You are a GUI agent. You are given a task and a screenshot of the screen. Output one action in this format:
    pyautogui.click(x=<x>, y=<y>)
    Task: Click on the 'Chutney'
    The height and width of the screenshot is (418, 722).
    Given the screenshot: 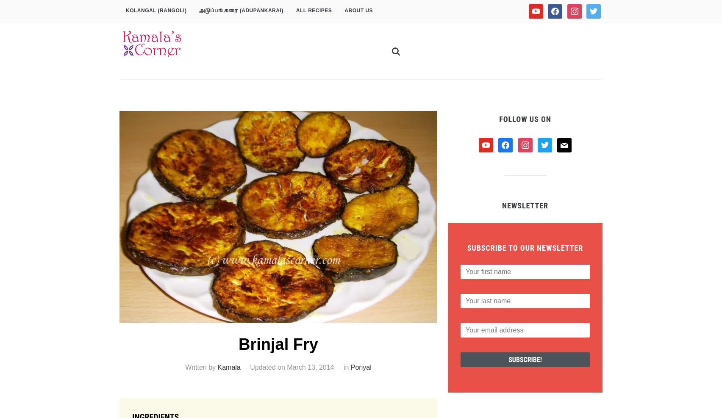 What is the action you would take?
    pyautogui.click(x=401, y=14)
    